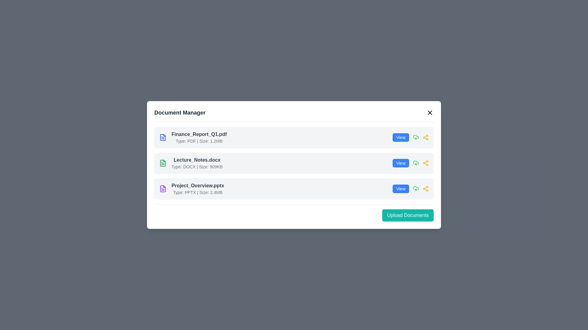  I want to click on the button located in the bottom row of three listed items on the right, associated with the file 'Project_Overview.pptx', so click(410, 188).